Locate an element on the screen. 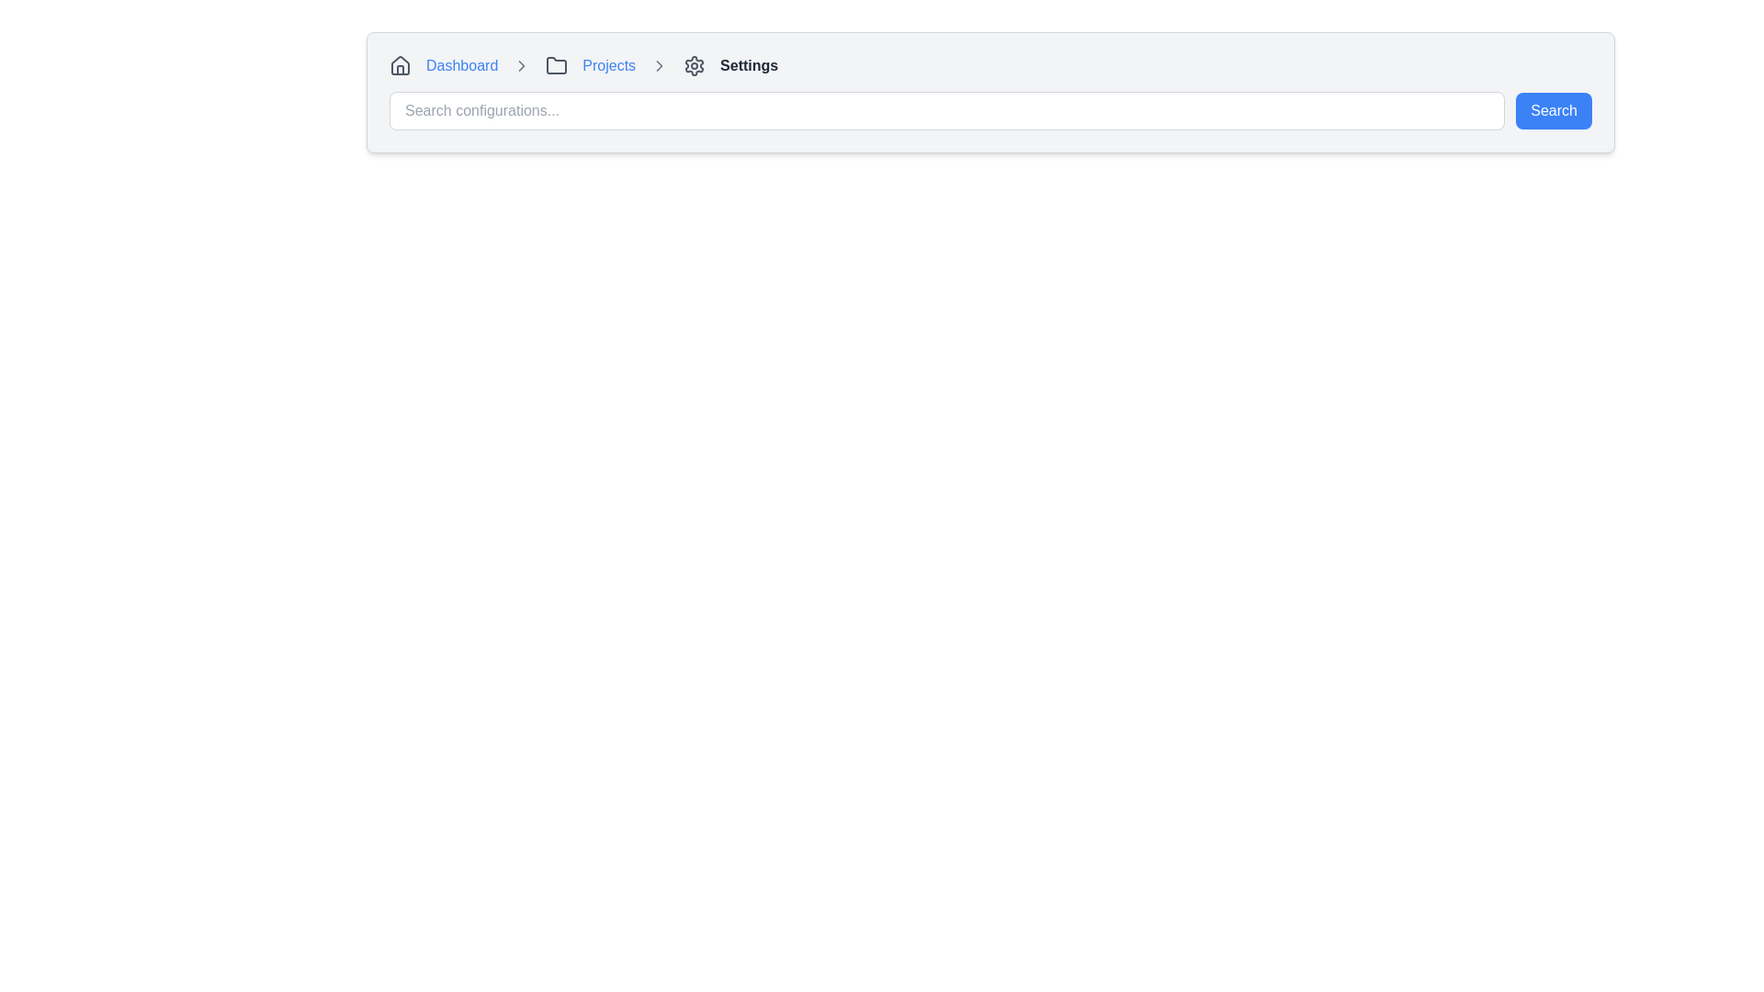 The image size is (1764, 992). the folder icon, which is a gray, line-drawn representation with rounded corners located in the breadcrumb navigation bar between 'Dashboard' and 'Projects' is located at coordinates (556, 64).